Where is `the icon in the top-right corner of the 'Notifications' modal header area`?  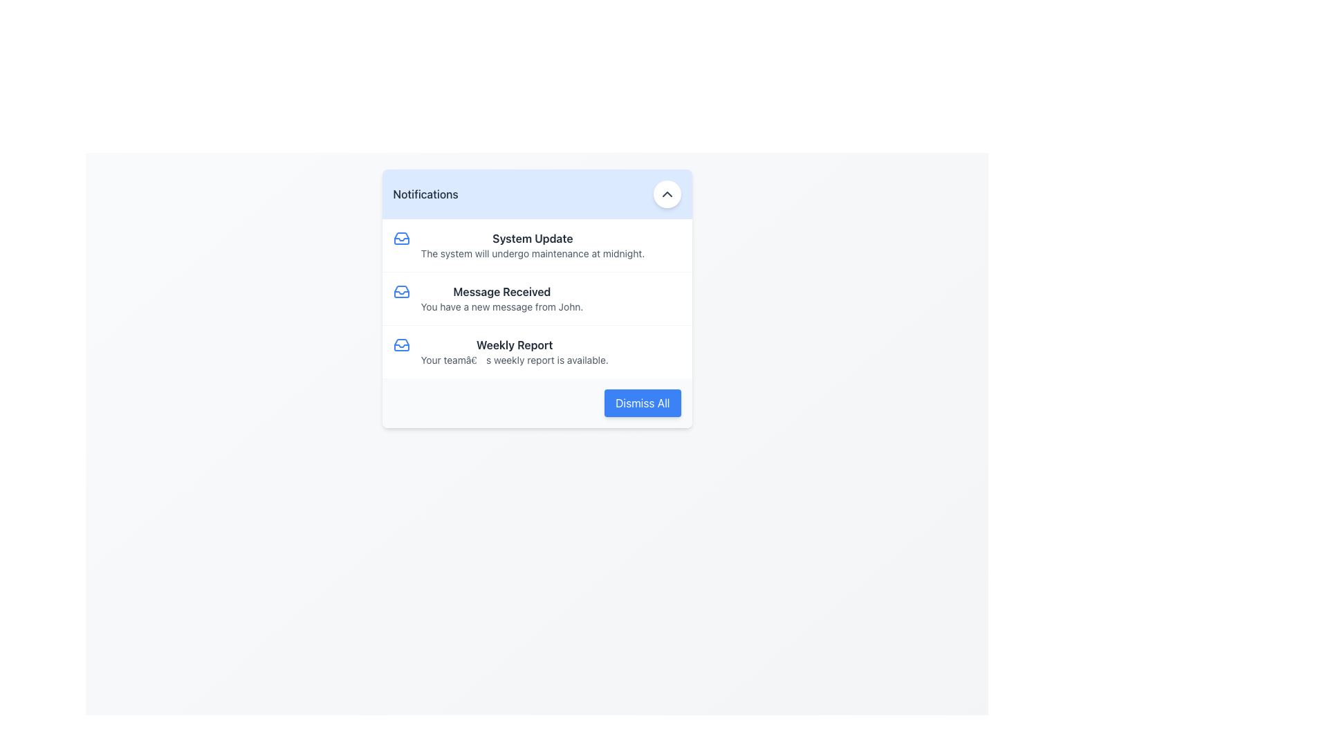
the icon in the top-right corner of the 'Notifications' modal header area is located at coordinates (667, 194).